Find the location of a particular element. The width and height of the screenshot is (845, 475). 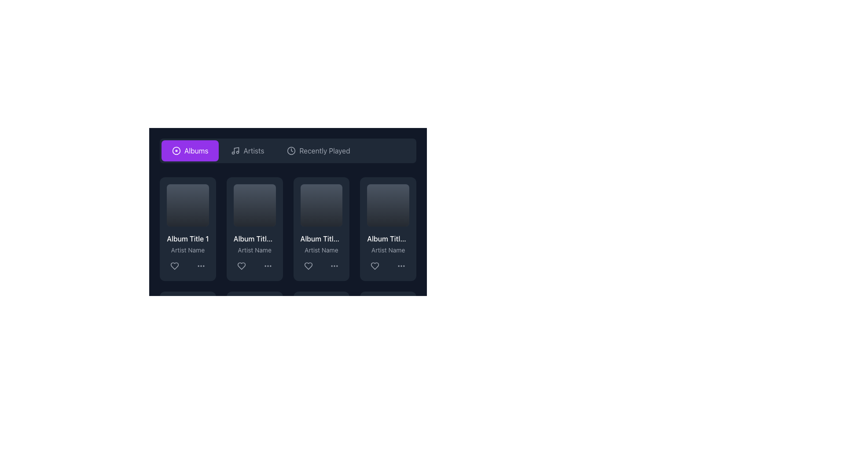

the text label displaying 'Album Title 4', which is styled in white font and located at the bottom of the fourth album card in the horizontal list layout is located at coordinates (388, 238).